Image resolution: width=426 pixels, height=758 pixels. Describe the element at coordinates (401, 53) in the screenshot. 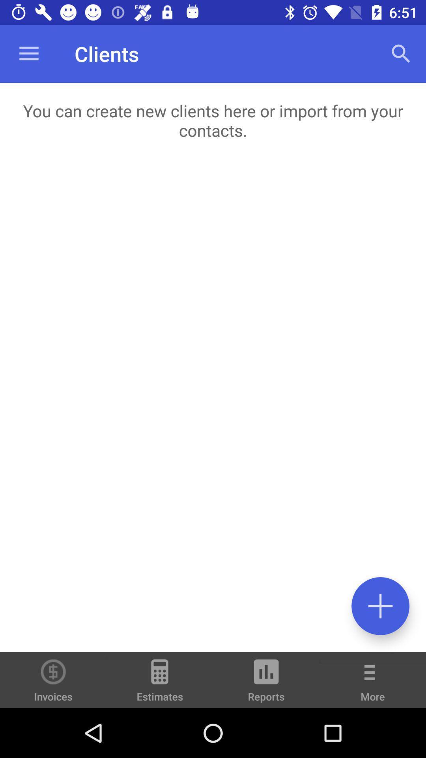

I see `icon at the top right corner` at that location.